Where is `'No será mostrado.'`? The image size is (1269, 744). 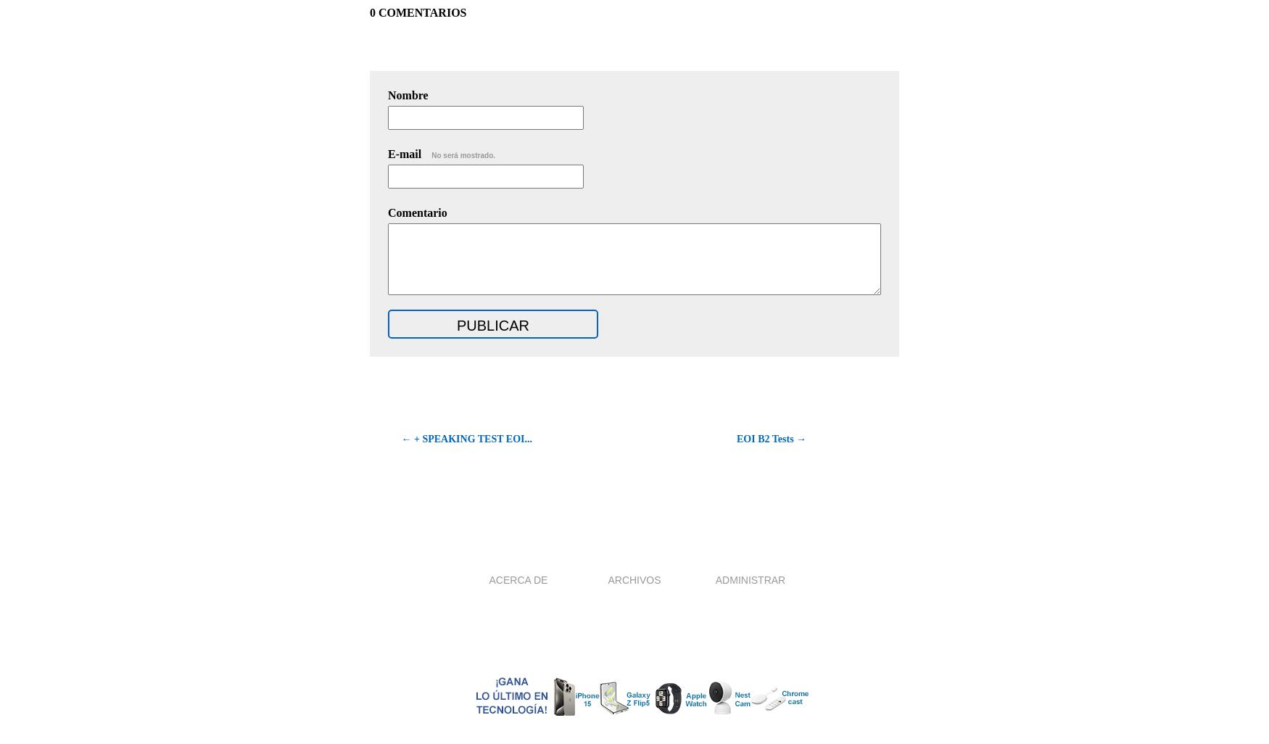
'No será mostrado.' is located at coordinates (431, 155).